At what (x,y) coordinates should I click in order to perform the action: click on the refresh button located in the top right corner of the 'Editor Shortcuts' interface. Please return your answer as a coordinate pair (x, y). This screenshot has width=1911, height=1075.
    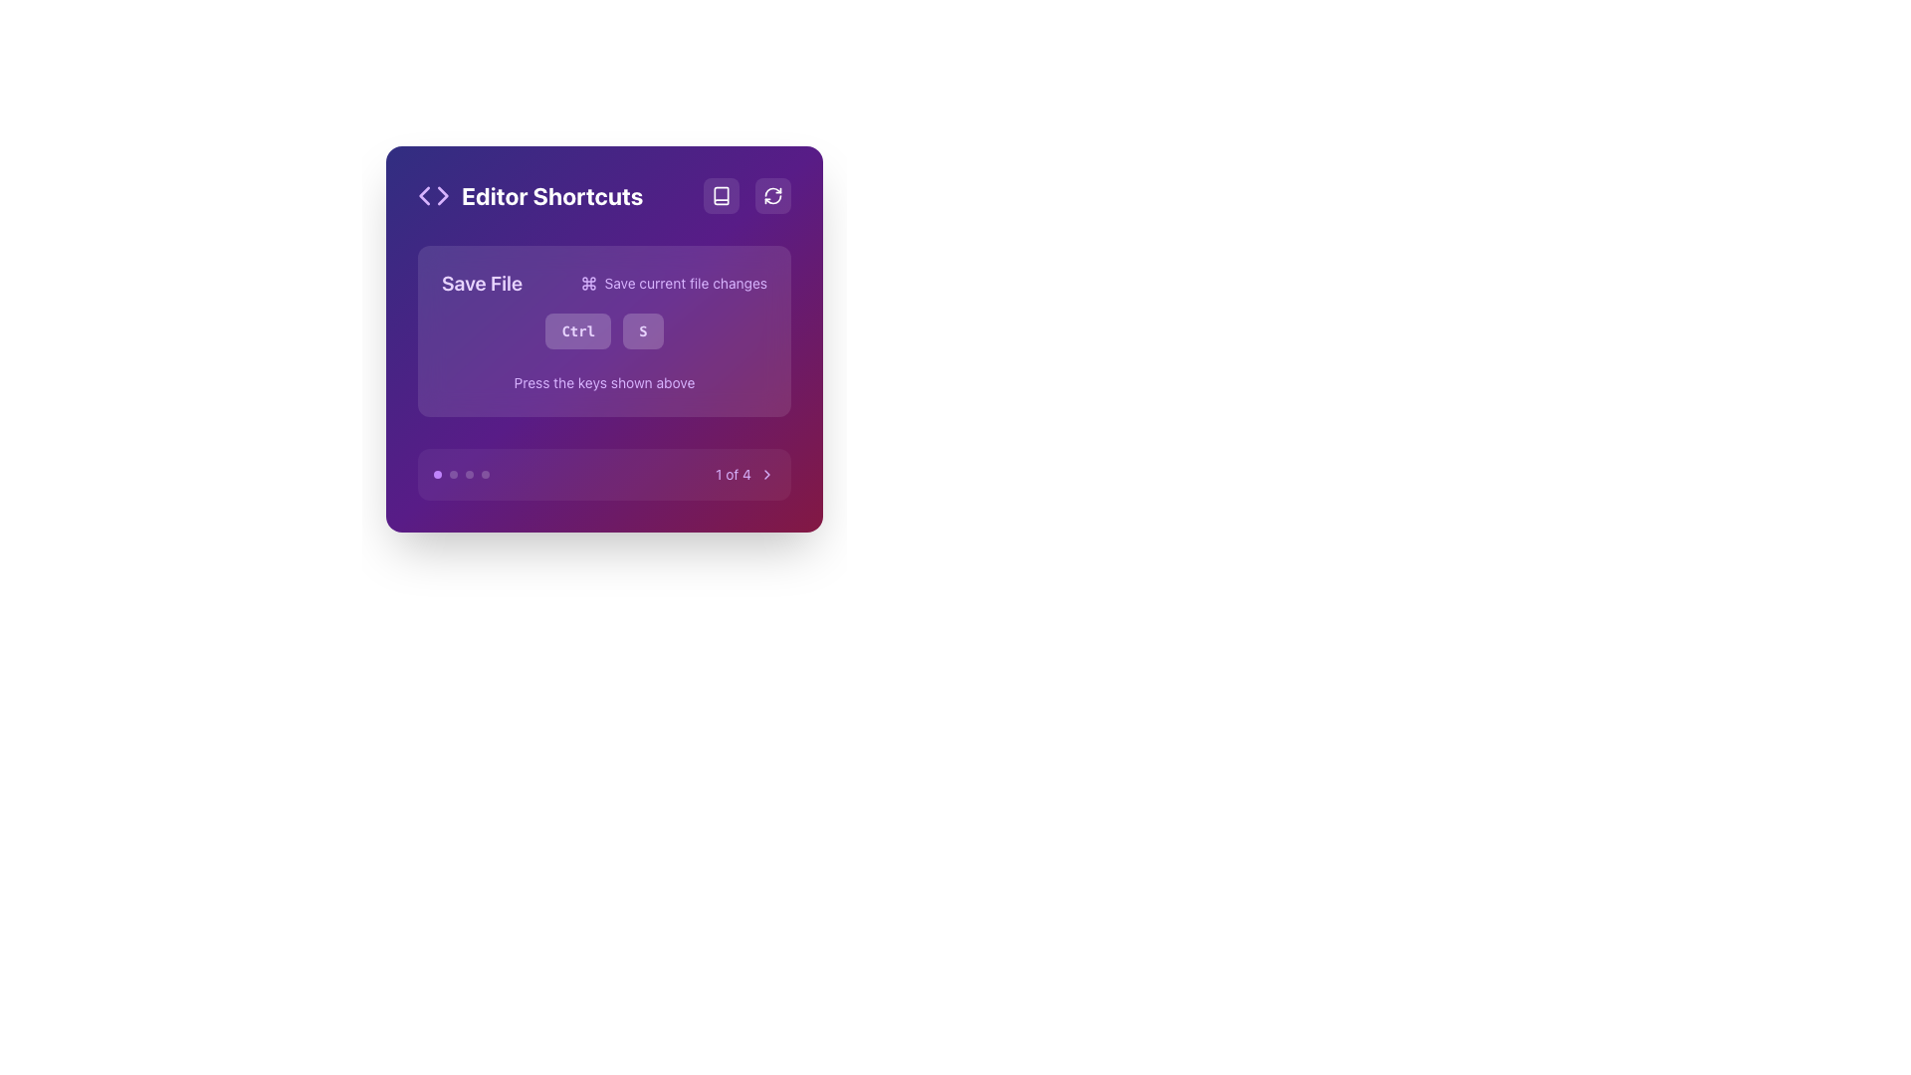
    Looking at the image, I should click on (772, 195).